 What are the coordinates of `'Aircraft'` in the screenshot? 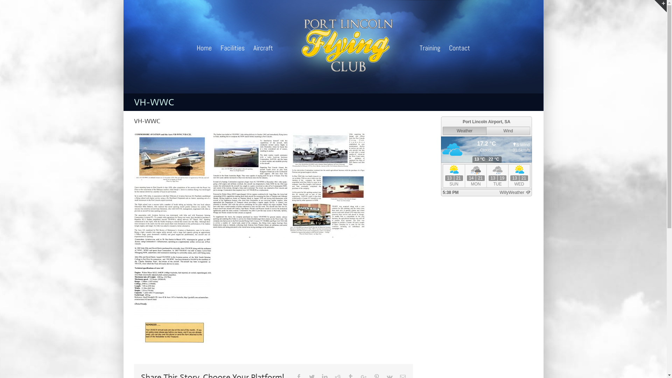 It's located at (253, 47).